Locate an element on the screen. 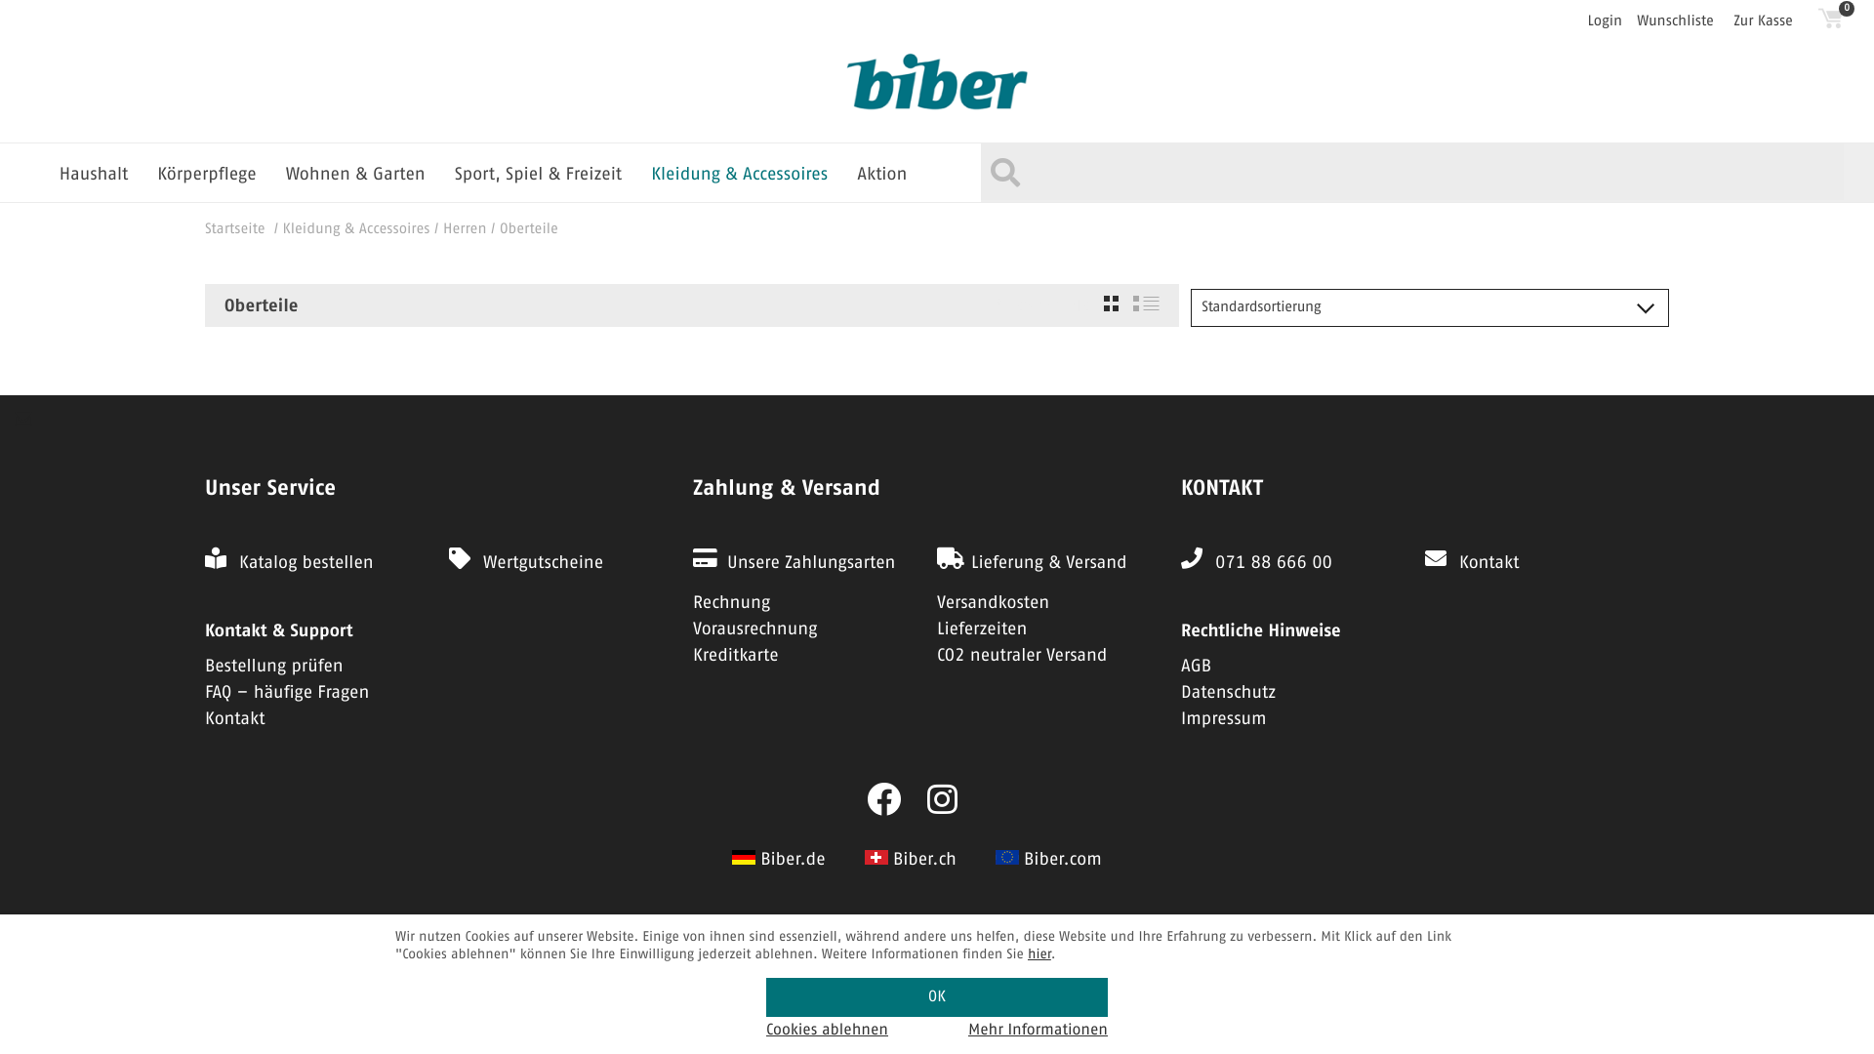 This screenshot has height=1054, width=1874. 'Wertgutscheine' is located at coordinates (543, 563).